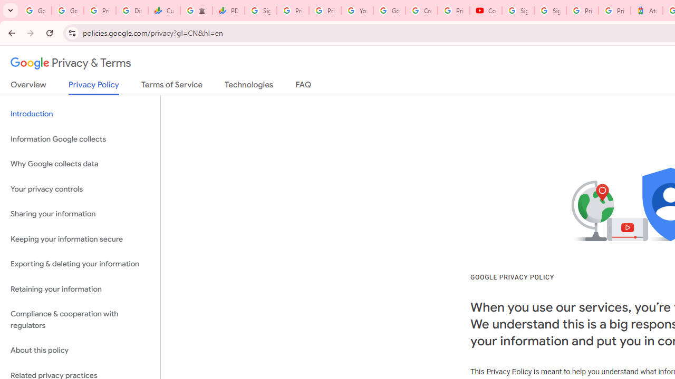 This screenshot has height=379, width=675. I want to click on 'Exporting & deleting your information', so click(80, 264).